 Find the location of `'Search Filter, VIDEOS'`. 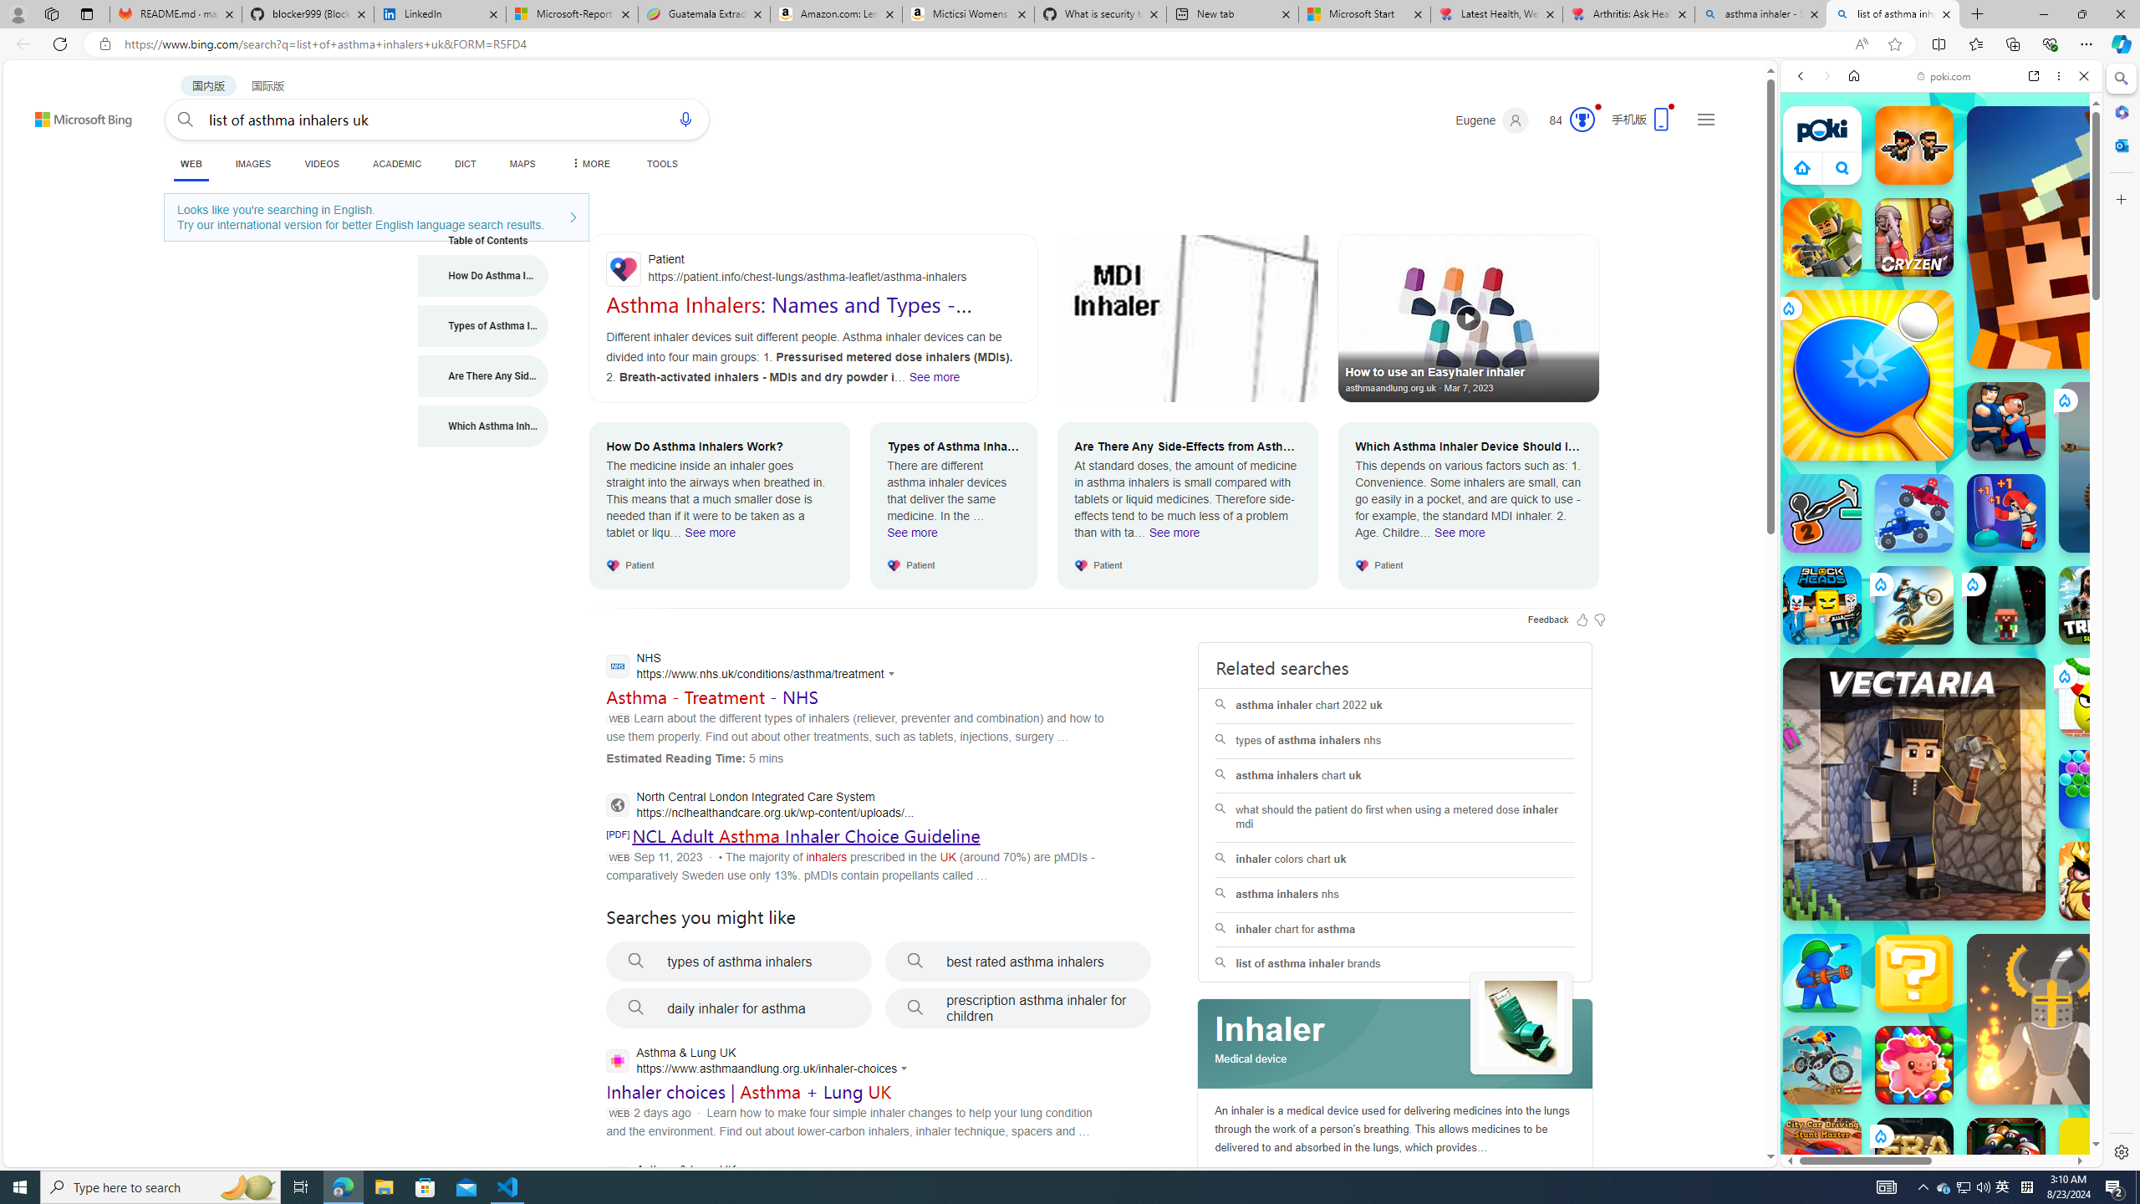

'Search Filter, VIDEOS' is located at coordinates (1911, 190).